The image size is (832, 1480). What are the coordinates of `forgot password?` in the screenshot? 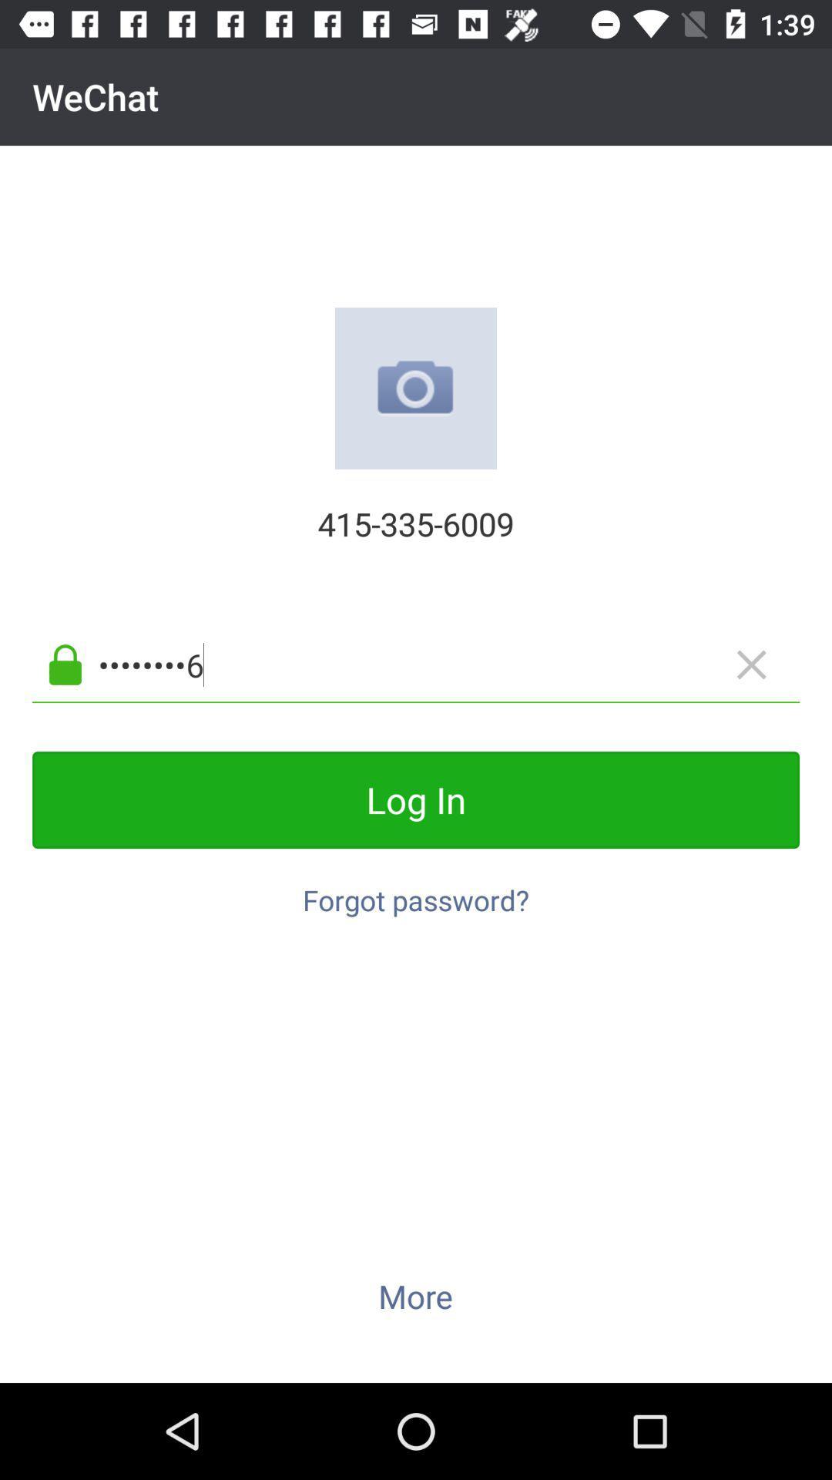 It's located at (416, 892).